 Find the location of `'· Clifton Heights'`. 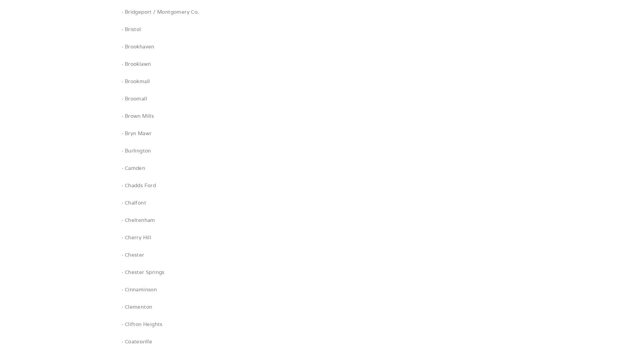

'· Clifton Heights' is located at coordinates (141, 324).